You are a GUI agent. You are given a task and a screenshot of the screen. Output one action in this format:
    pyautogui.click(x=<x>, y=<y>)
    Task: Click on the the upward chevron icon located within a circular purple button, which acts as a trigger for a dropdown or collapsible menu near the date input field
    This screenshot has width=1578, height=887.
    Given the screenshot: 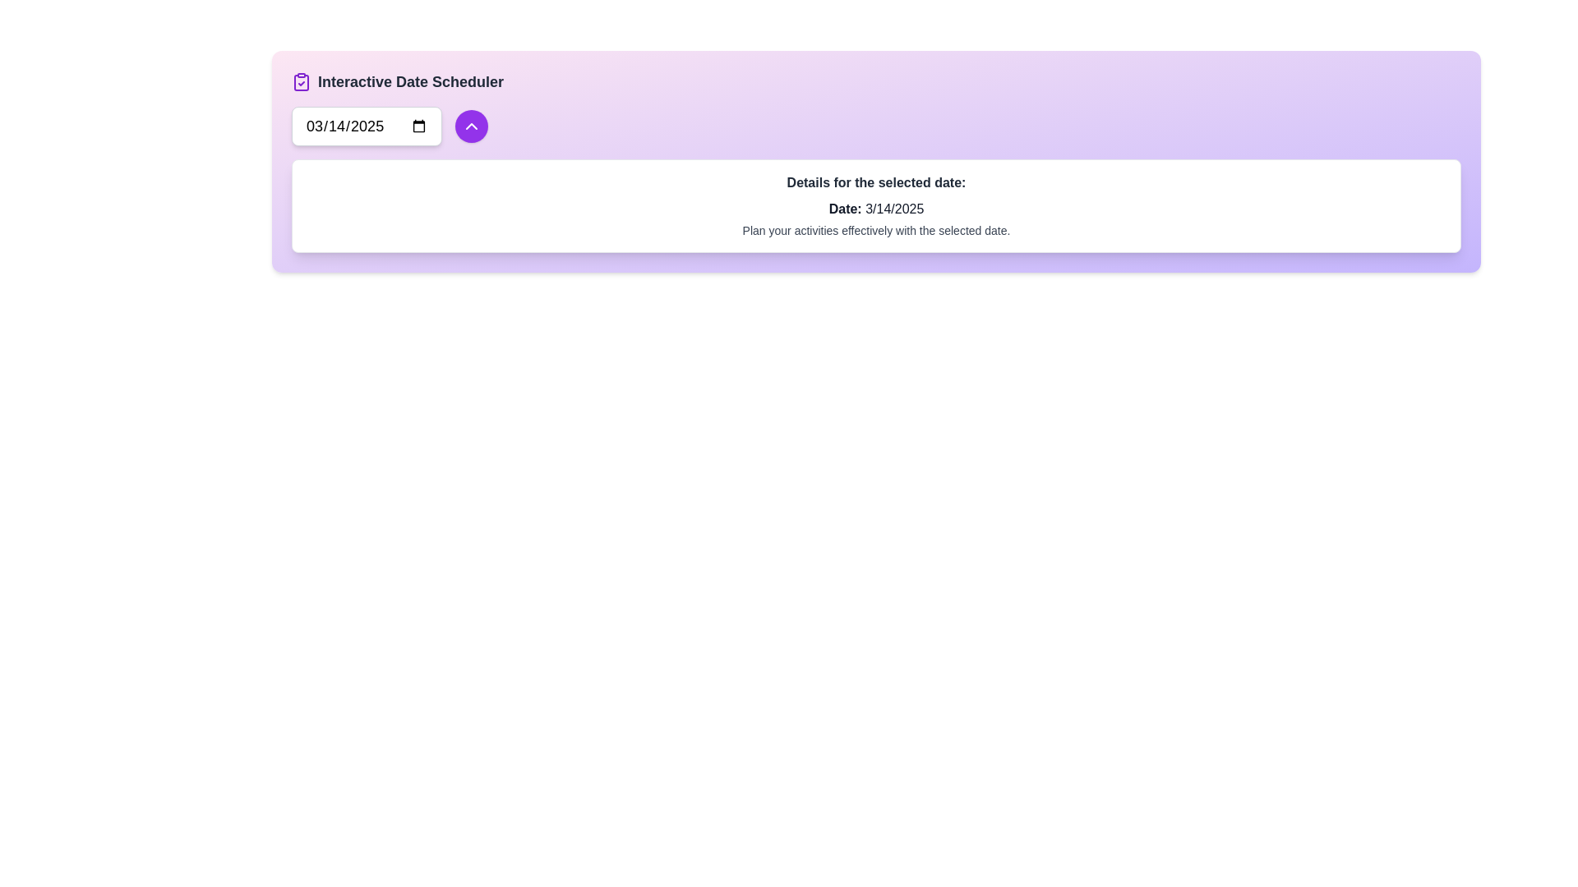 What is the action you would take?
    pyautogui.click(x=471, y=126)
    